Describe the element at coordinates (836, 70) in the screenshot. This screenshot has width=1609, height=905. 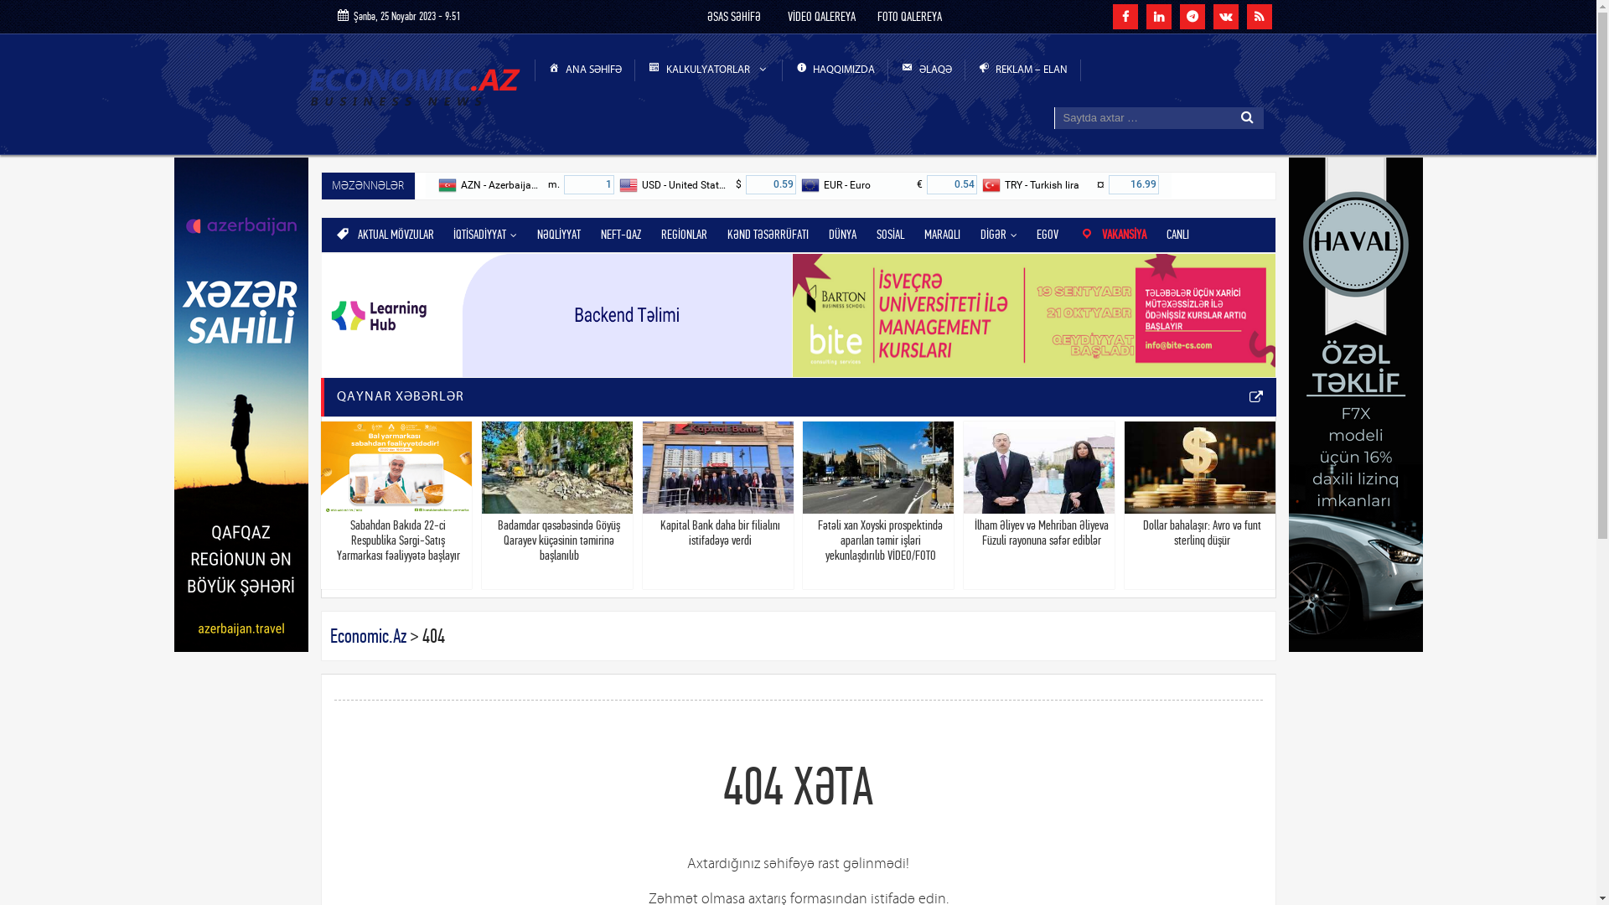
I see `'HAQQIMIZDA'` at that location.